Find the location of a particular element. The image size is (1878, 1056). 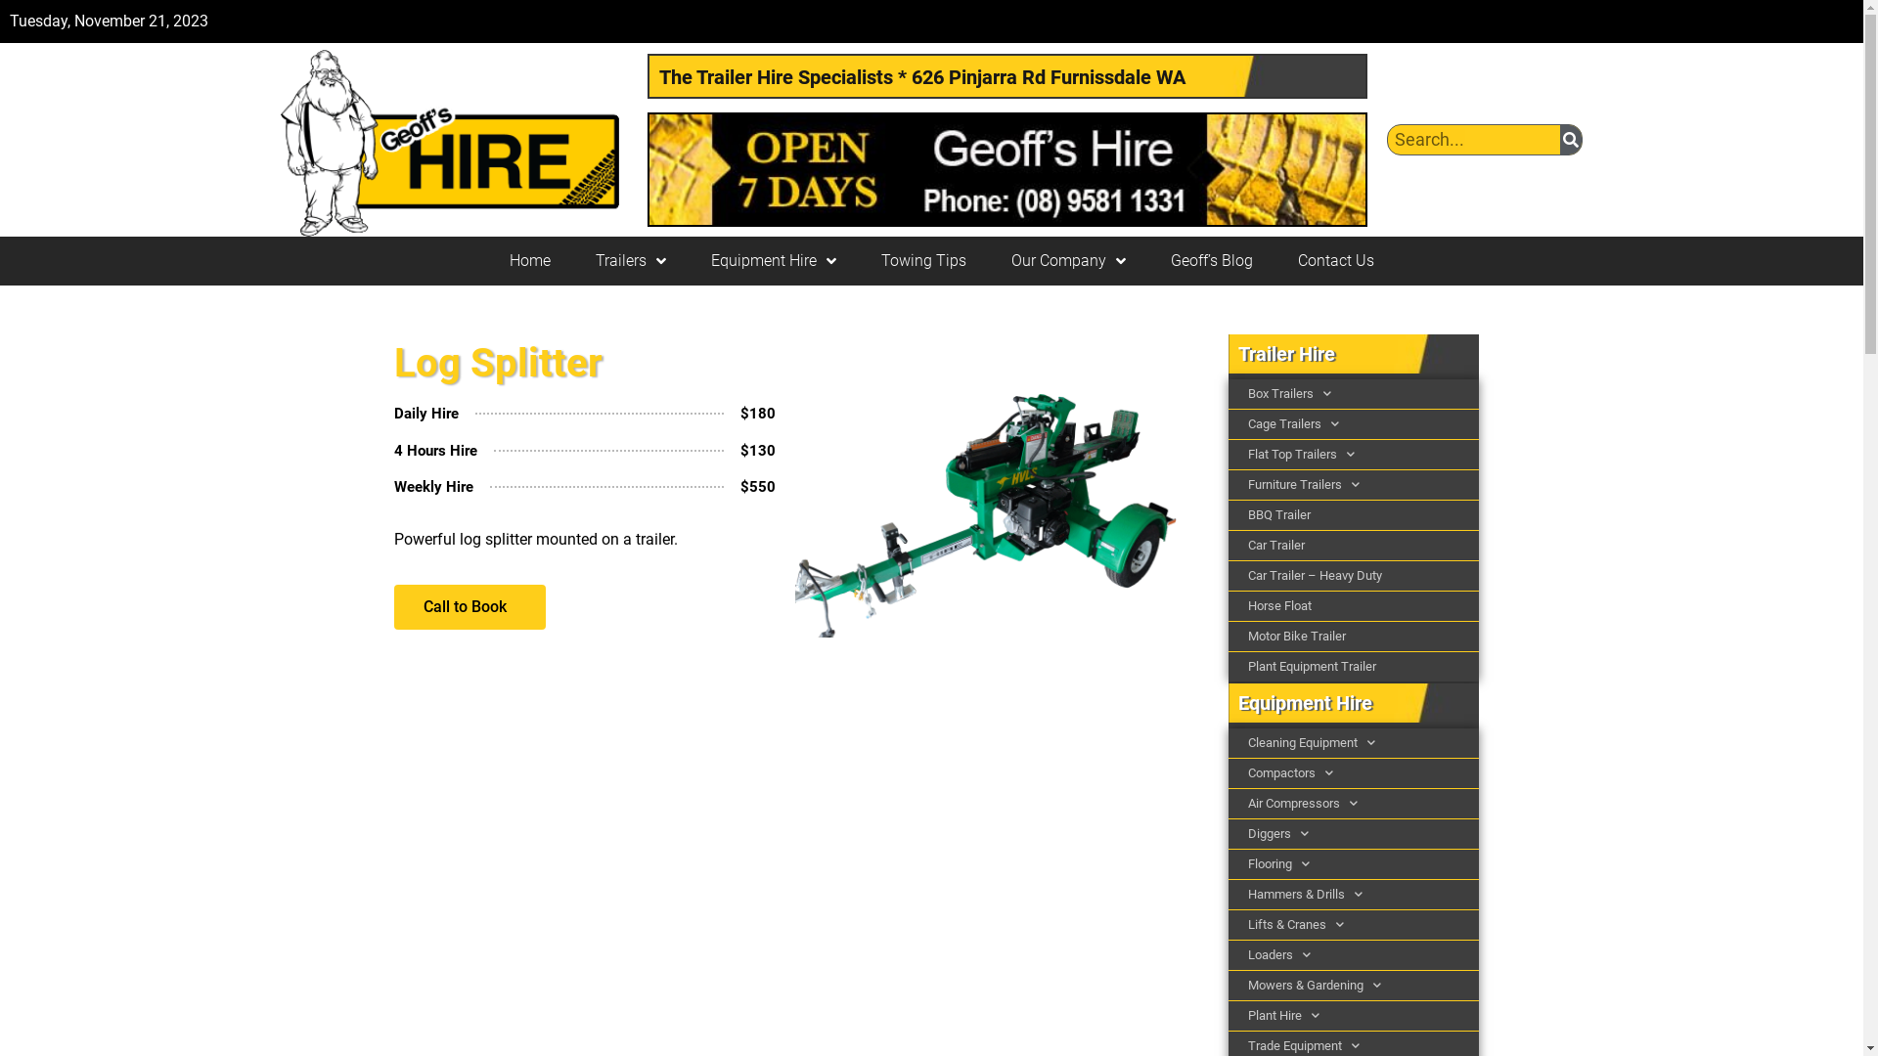

'4 Hours Hire is located at coordinates (583, 456).